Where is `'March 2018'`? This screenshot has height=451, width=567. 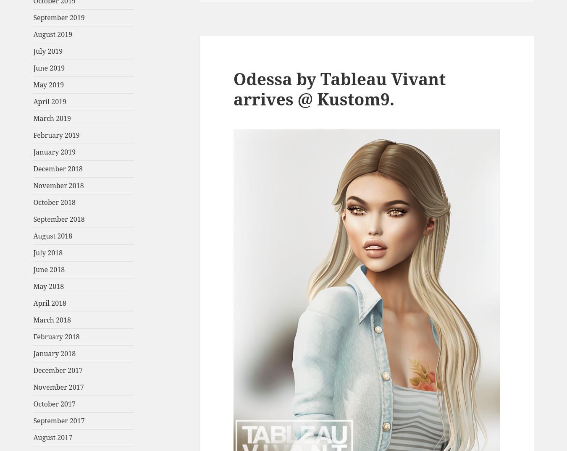
'March 2018' is located at coordinates (52, 320).